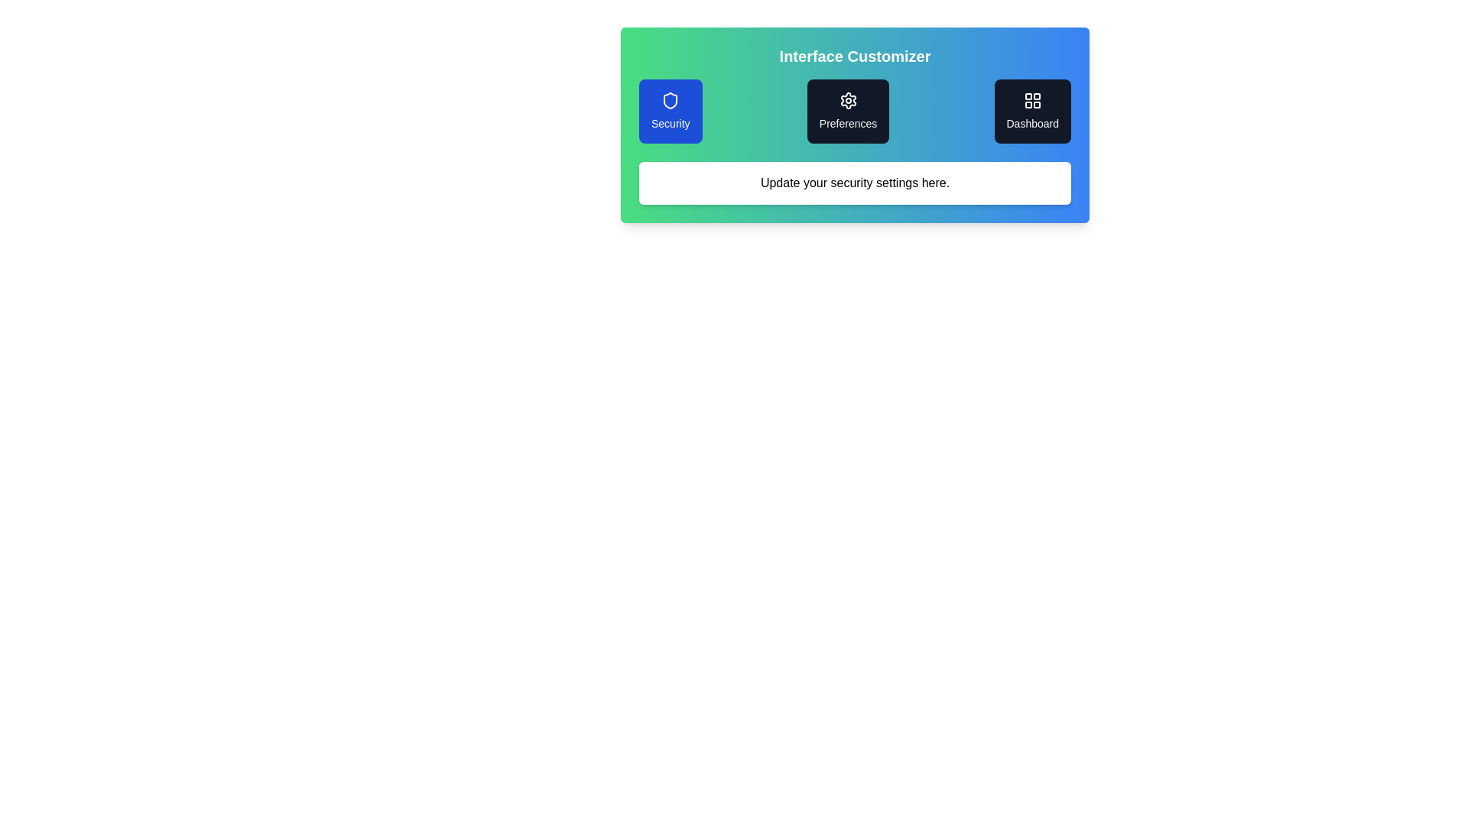 This screenshot has height=825, width=1468. What do you see at coordinates (847, 111) in the screenshot?
I see `the second button in the row of three, positioned between the 'Security' button and the 'Dashboard' button` at bounding box center [847, 111].